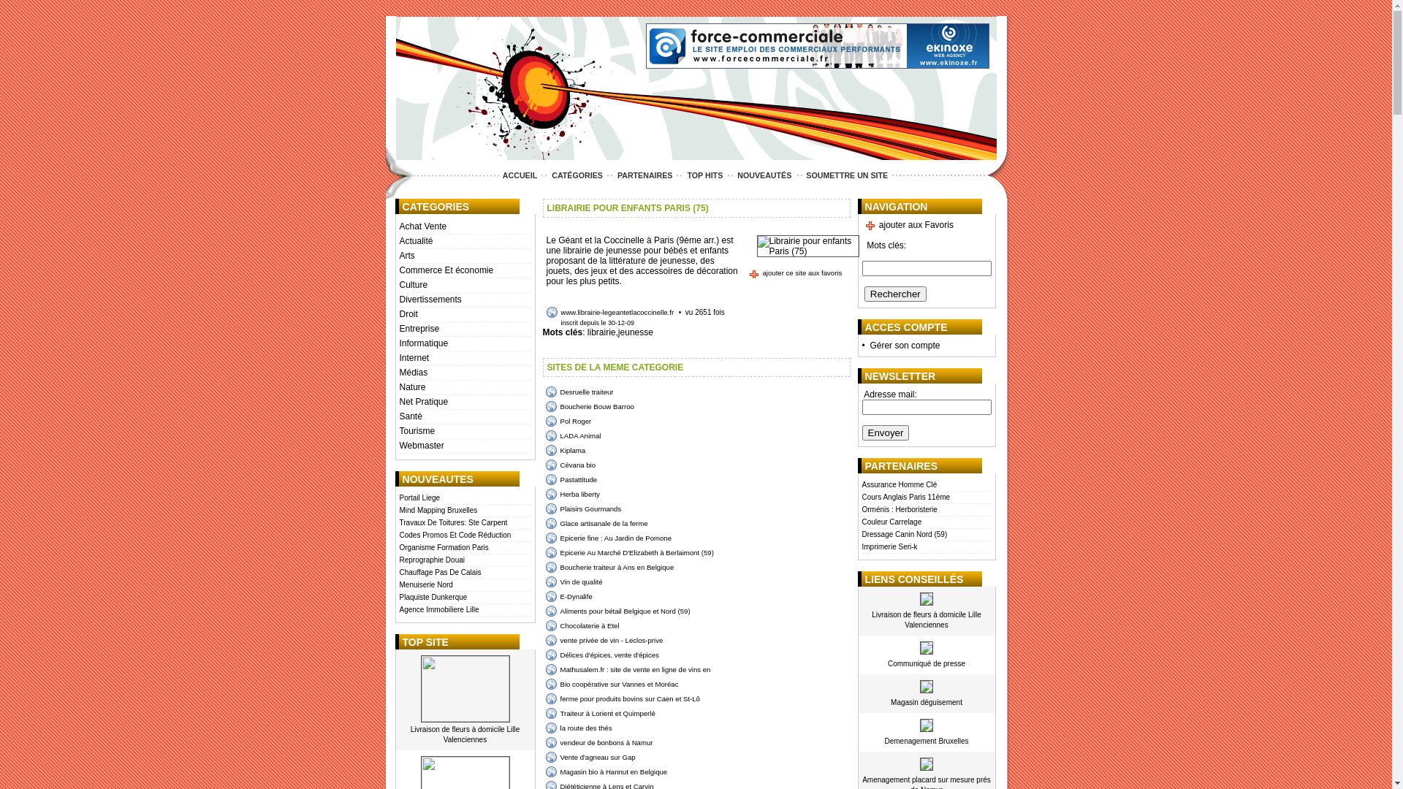 Image resolution: width=1403 pixels, height=789 pixels. What do you see at coordinates (463, 510) in the screenshot?
I see `'Mind Mapping Bruxelles'` at bounding box center [463, 510].